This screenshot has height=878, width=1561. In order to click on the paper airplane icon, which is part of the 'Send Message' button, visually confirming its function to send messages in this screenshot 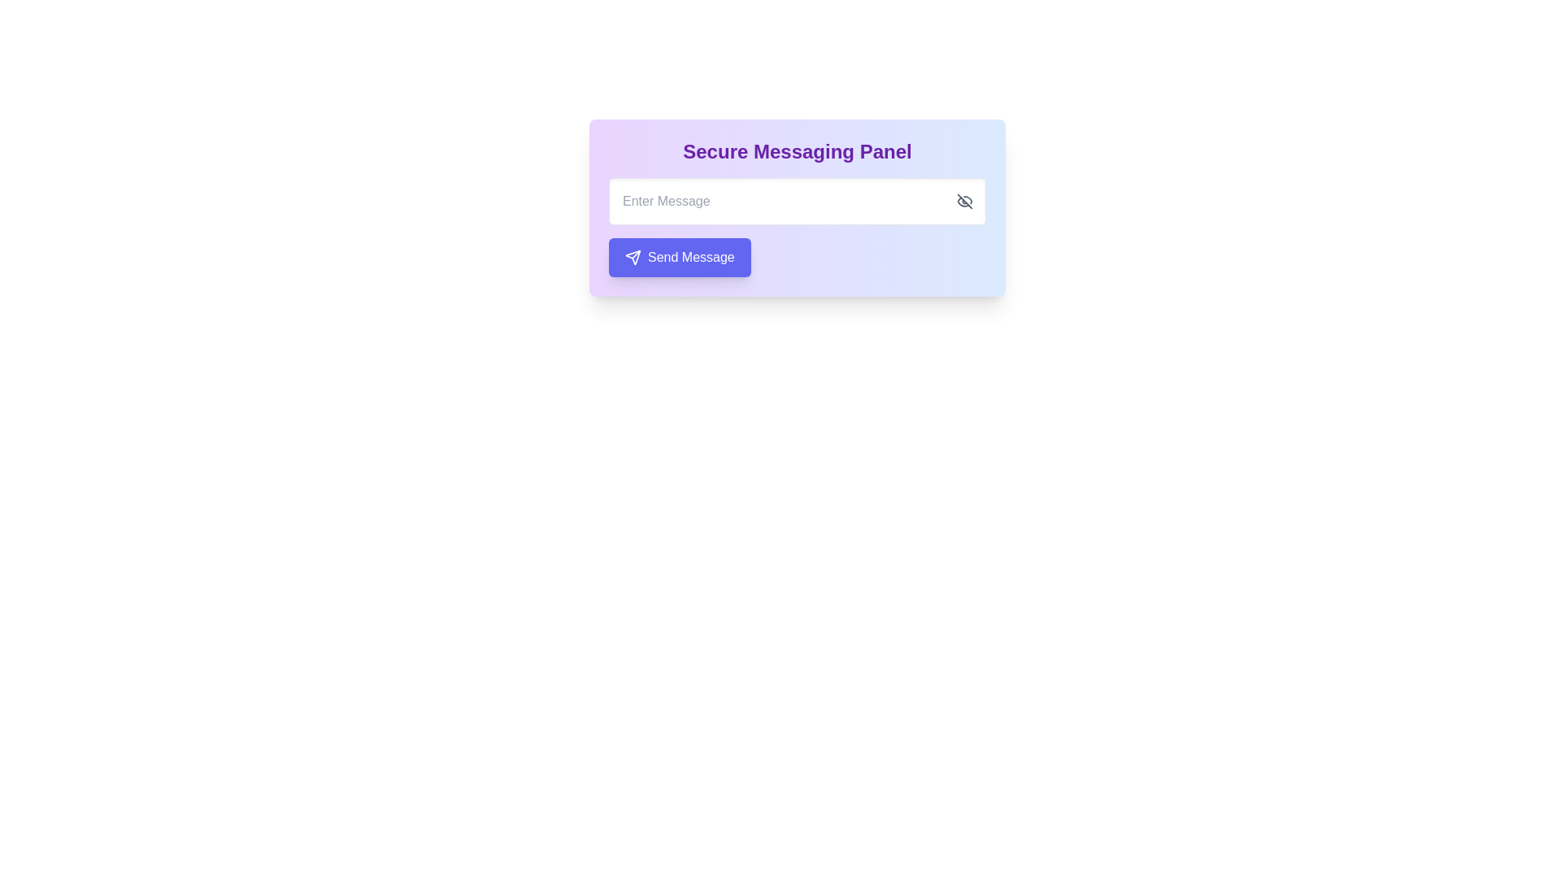, I will do `click(632, 256)`.